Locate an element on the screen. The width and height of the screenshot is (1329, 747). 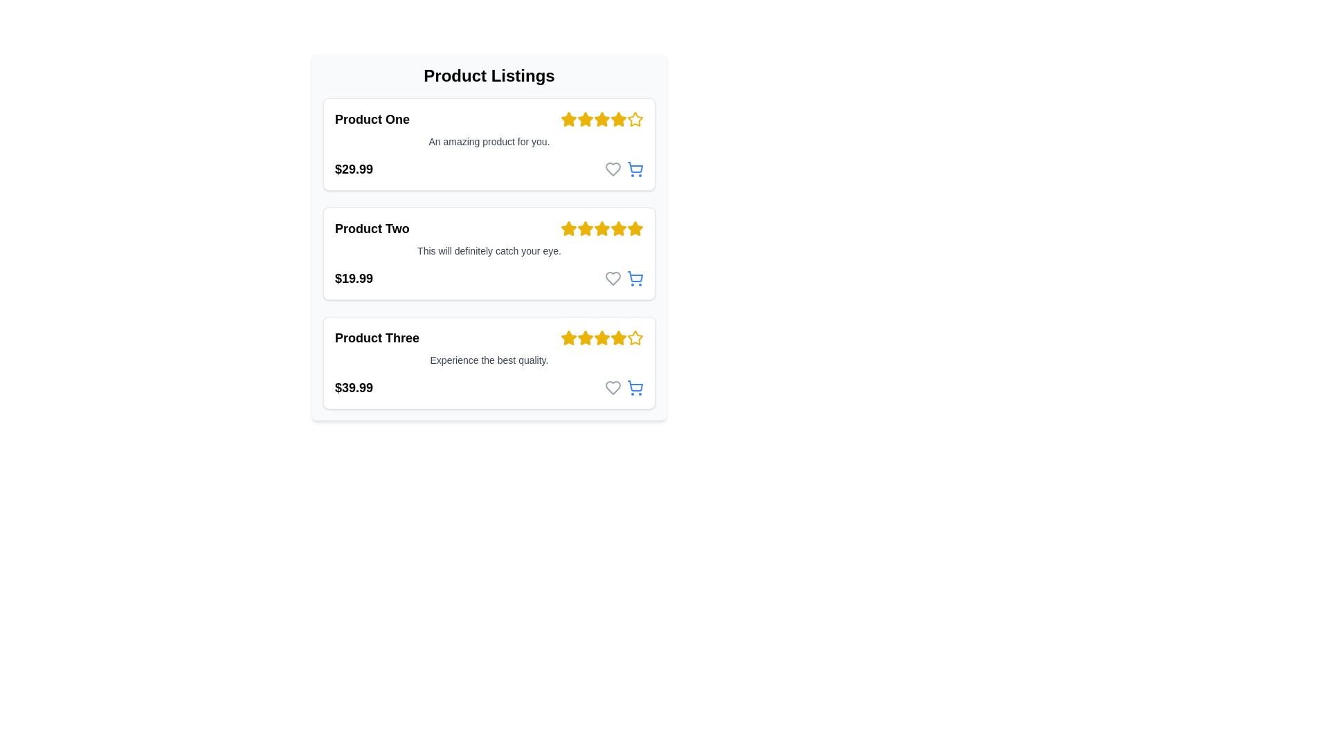
the icon group consisting of a gray heart and a blue shopping cart located in the second product listing of the 'Product Listings' section is located at coordinates (624, 278).